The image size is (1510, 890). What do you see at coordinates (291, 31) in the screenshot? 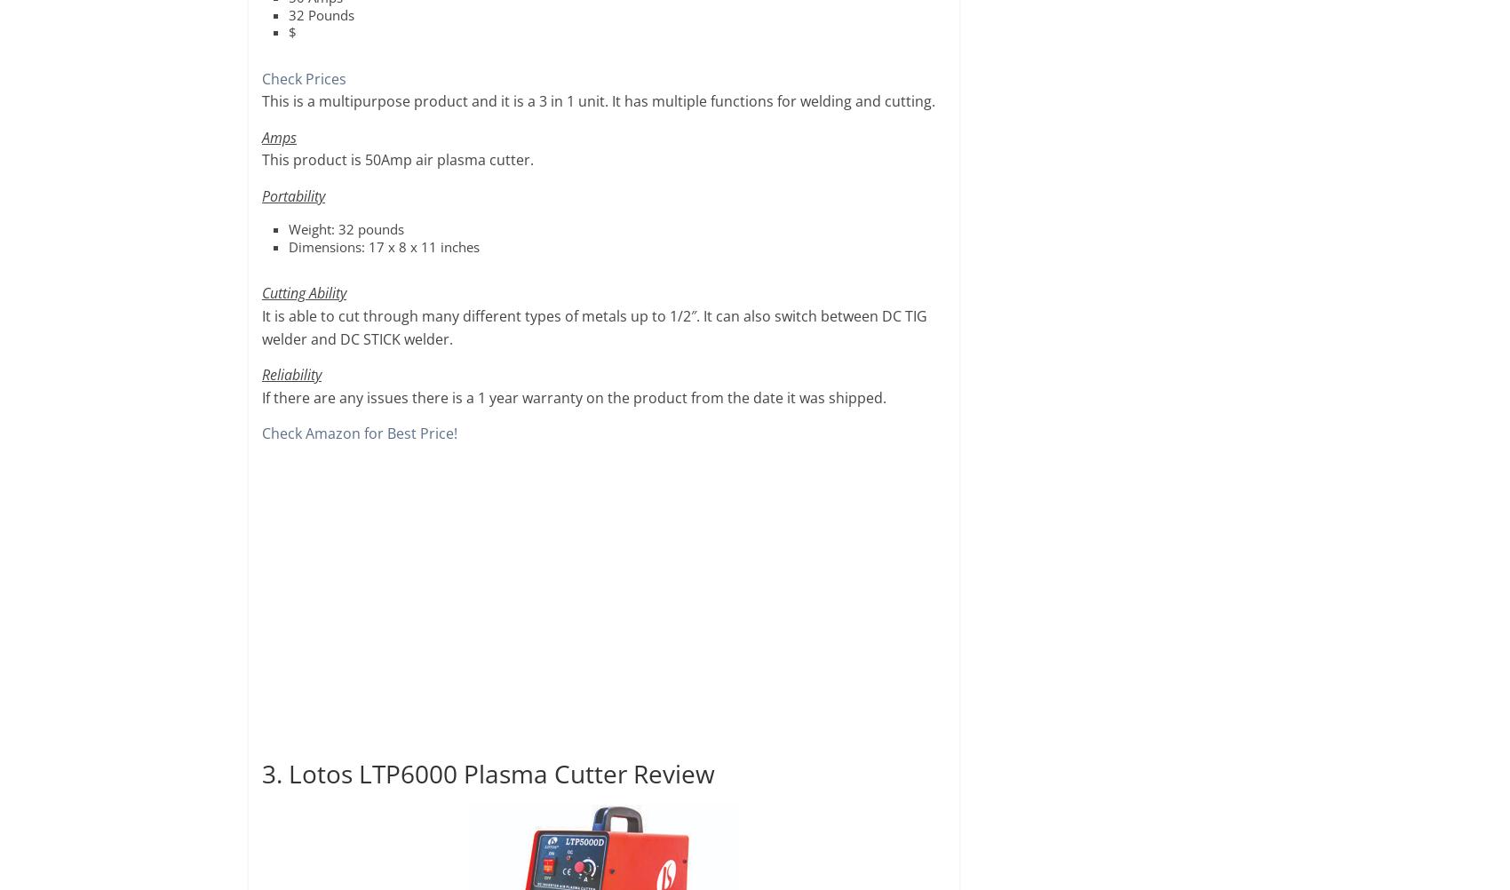
I see `'$'` at bounding box center [291, 31].